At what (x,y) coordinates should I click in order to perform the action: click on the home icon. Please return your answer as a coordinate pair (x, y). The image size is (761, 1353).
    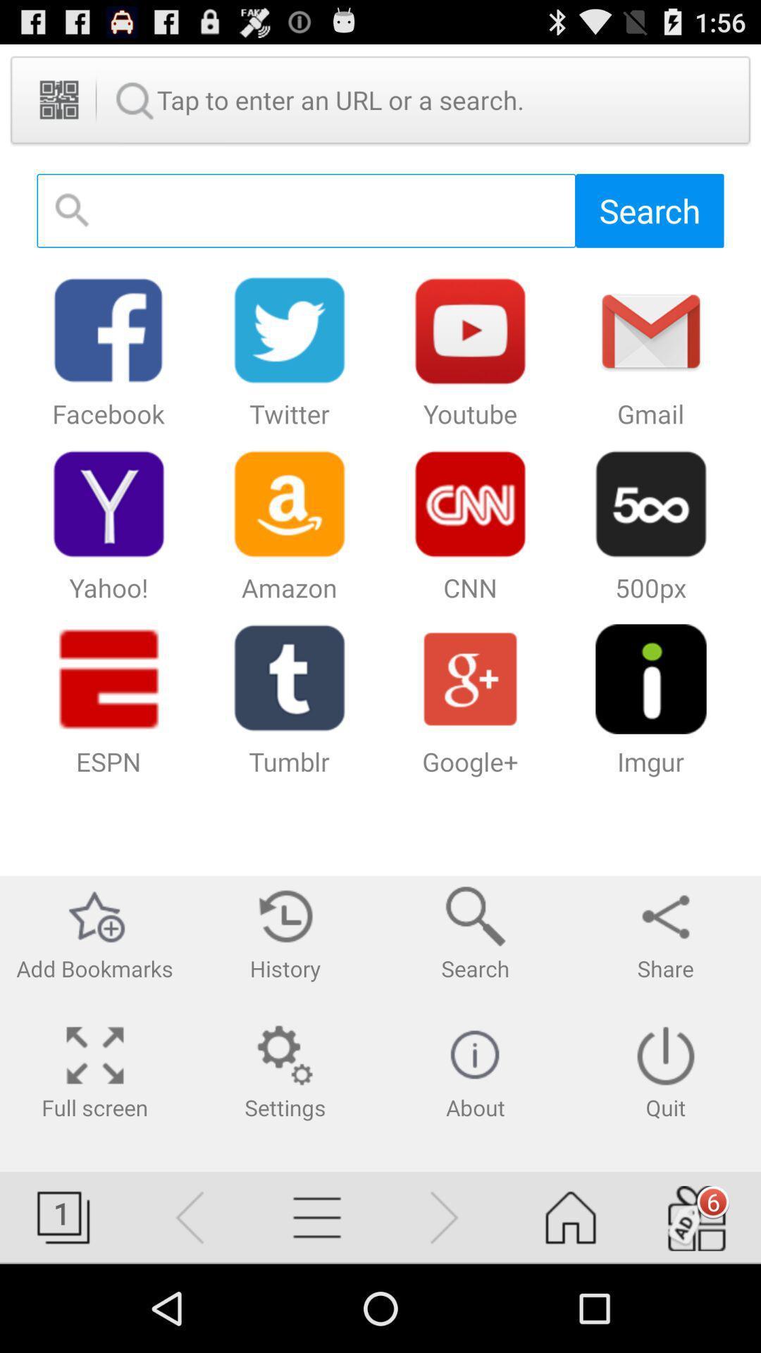
    Looking at the image, I should click on (571, 1302).